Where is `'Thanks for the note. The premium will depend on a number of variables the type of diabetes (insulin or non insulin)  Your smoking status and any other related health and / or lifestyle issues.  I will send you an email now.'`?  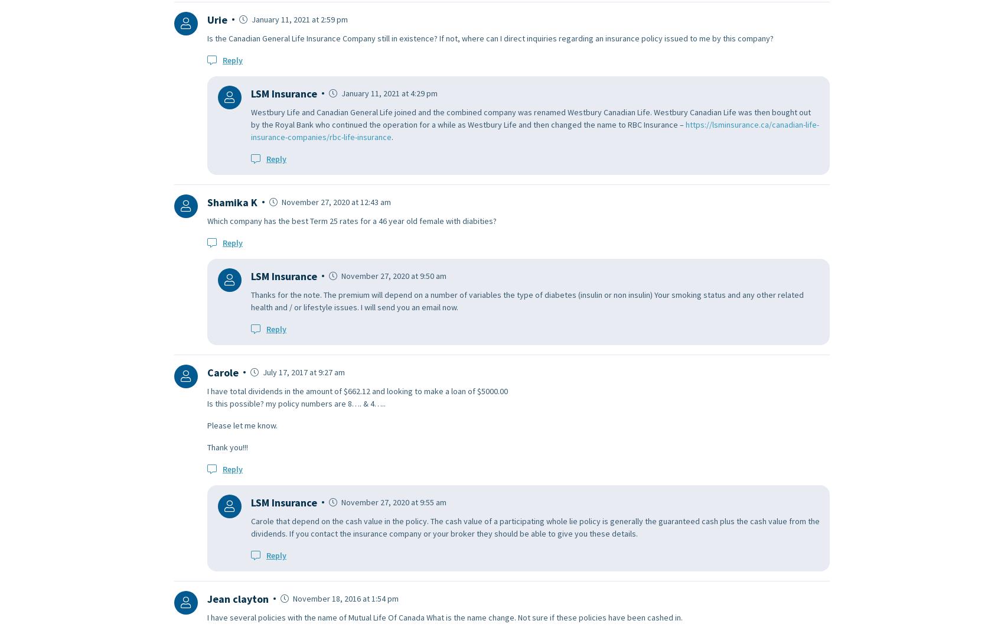 'Thanks for the note. The premium will depend on a number of variables the type of diabetes (insulin or non insulin)  Your smoking status and any other related health and / or lifestyle issues.  I will send you an email now.' is located at coordinates (527, 300).